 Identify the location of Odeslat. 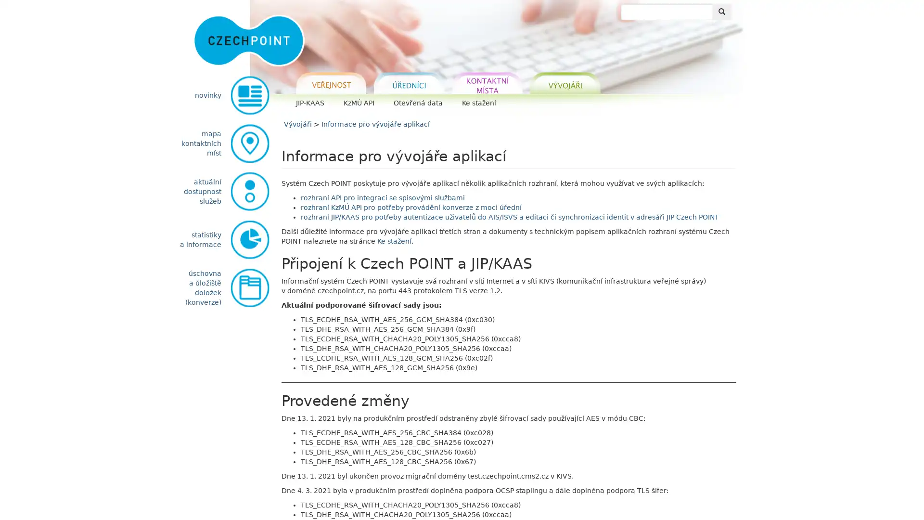
(721, 12).